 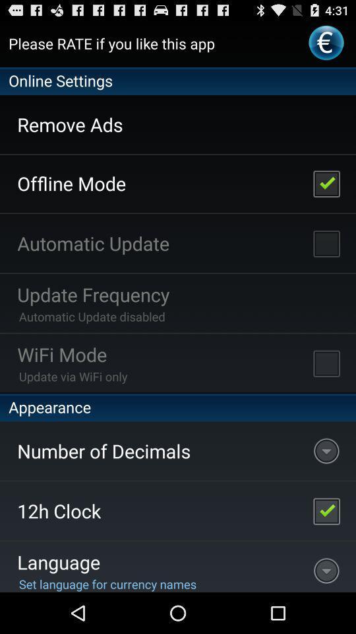 I want to click on auto updates, so click(x=326, y=242).